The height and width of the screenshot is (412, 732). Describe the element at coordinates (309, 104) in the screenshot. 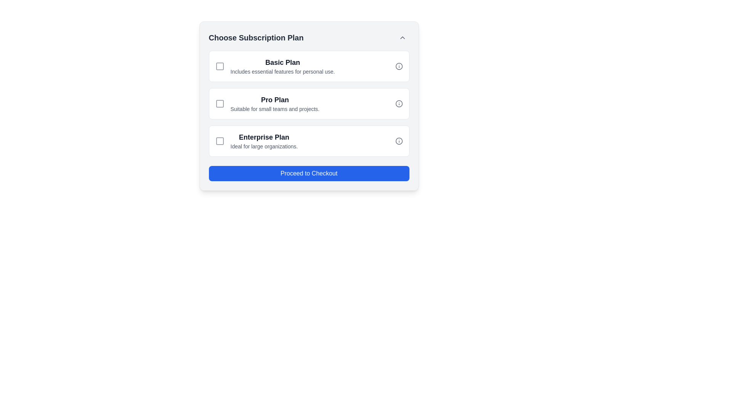

I see `the circular information icon next to the subscription options in the 'Choose Subscription Plan' card` at that location.